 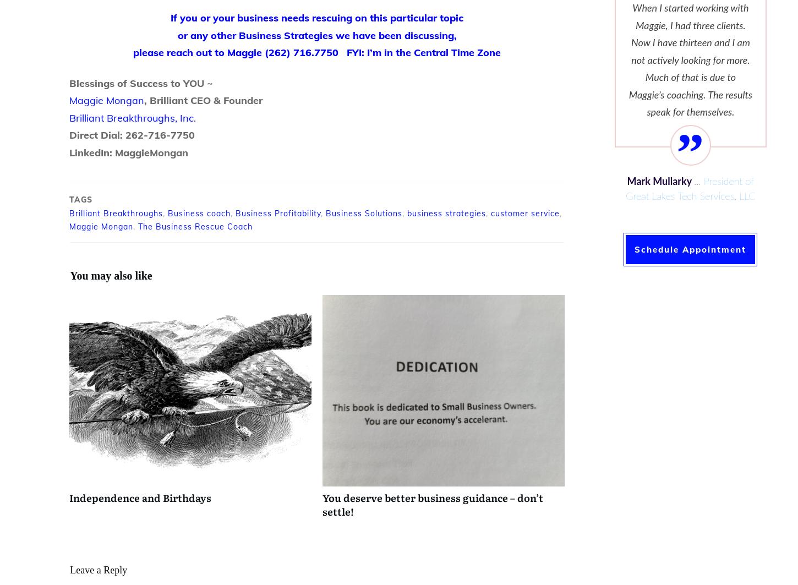 What do you see at coordinates (128, 152) in the screenshot?
I see `'LinkedIn: MaggieMongan'` at bounding box center [128, 152].